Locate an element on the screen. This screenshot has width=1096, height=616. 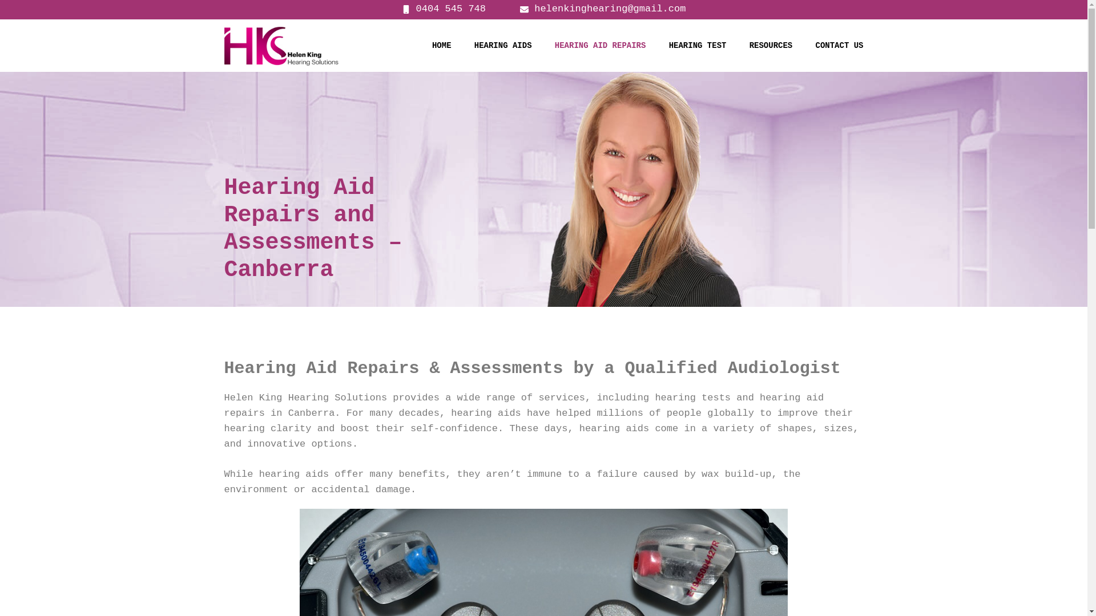
'HK Hearing Solutions' is located at coordinates (280, 44).